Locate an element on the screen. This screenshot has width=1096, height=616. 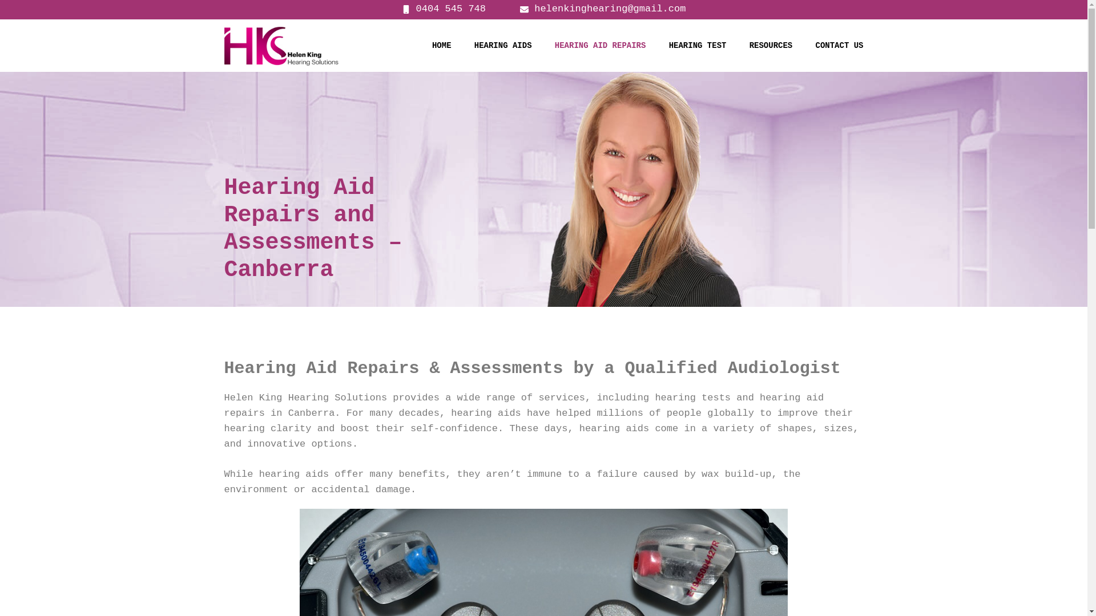
'HK Hearing Solutions' is located at coordinates (280, 44).